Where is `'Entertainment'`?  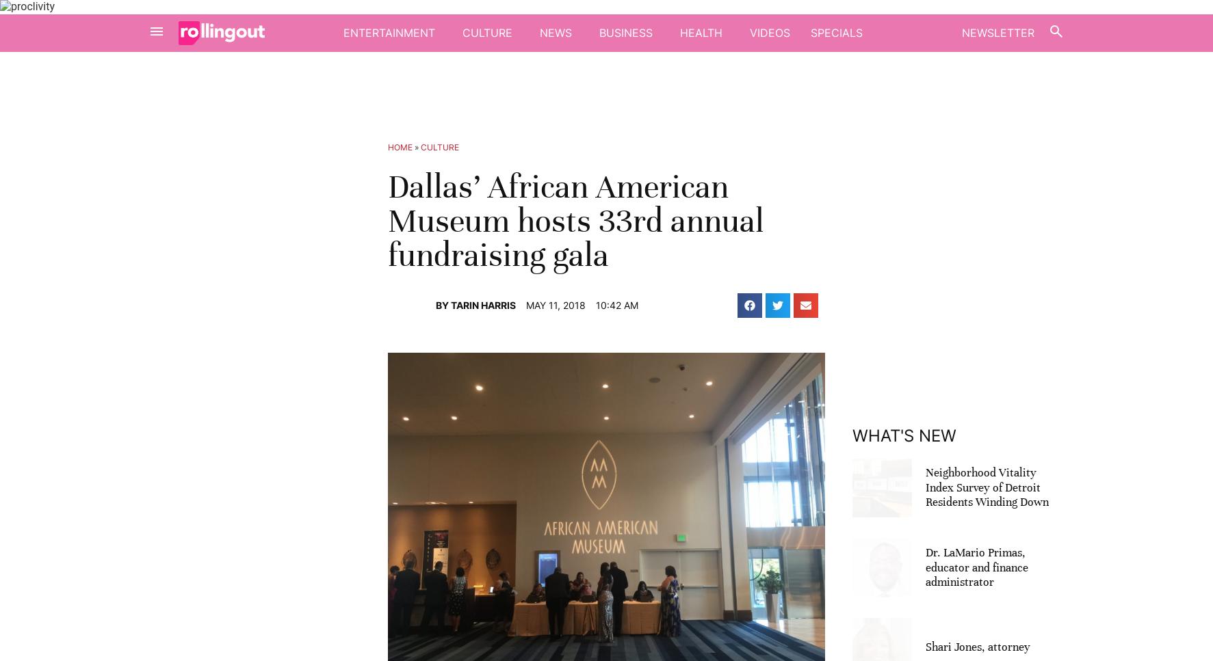
'Entertainment' is located at coordinates (389, 31).